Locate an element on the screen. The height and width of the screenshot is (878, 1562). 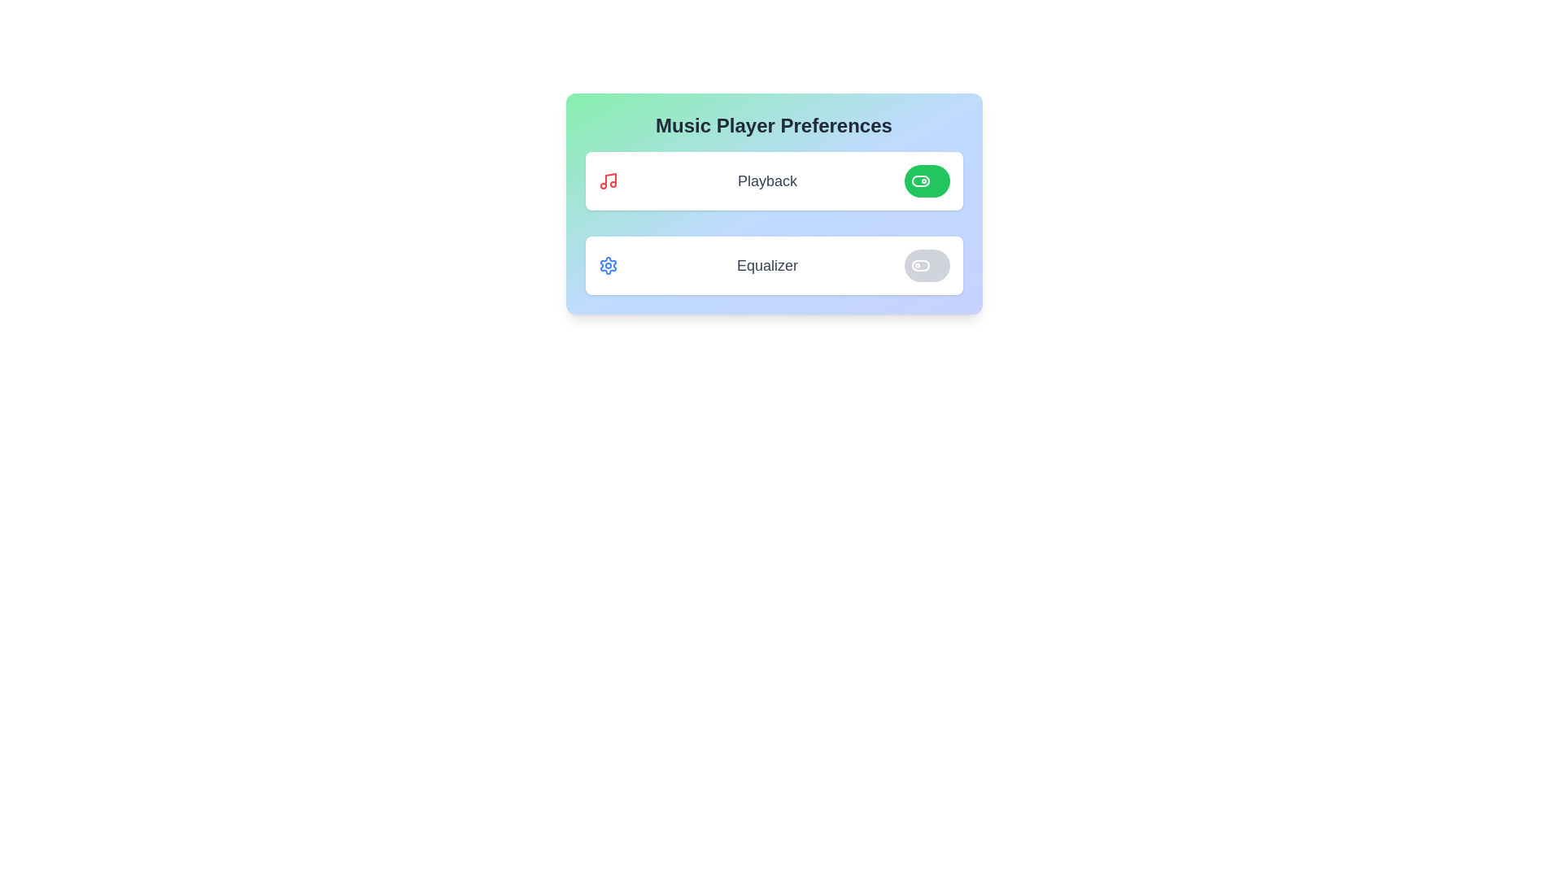
the circular toggle switch with a green background and a white toggle symbol located in the top row of the 'Music Player Preferences' card is located at coordinates (927, 181).